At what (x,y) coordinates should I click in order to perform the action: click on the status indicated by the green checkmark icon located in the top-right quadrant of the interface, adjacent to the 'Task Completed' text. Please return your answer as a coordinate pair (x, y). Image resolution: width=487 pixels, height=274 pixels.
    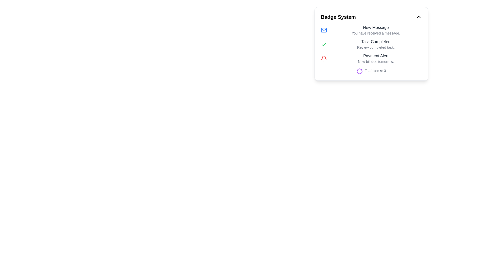
    Looking at the image, I should click on (323, 44).